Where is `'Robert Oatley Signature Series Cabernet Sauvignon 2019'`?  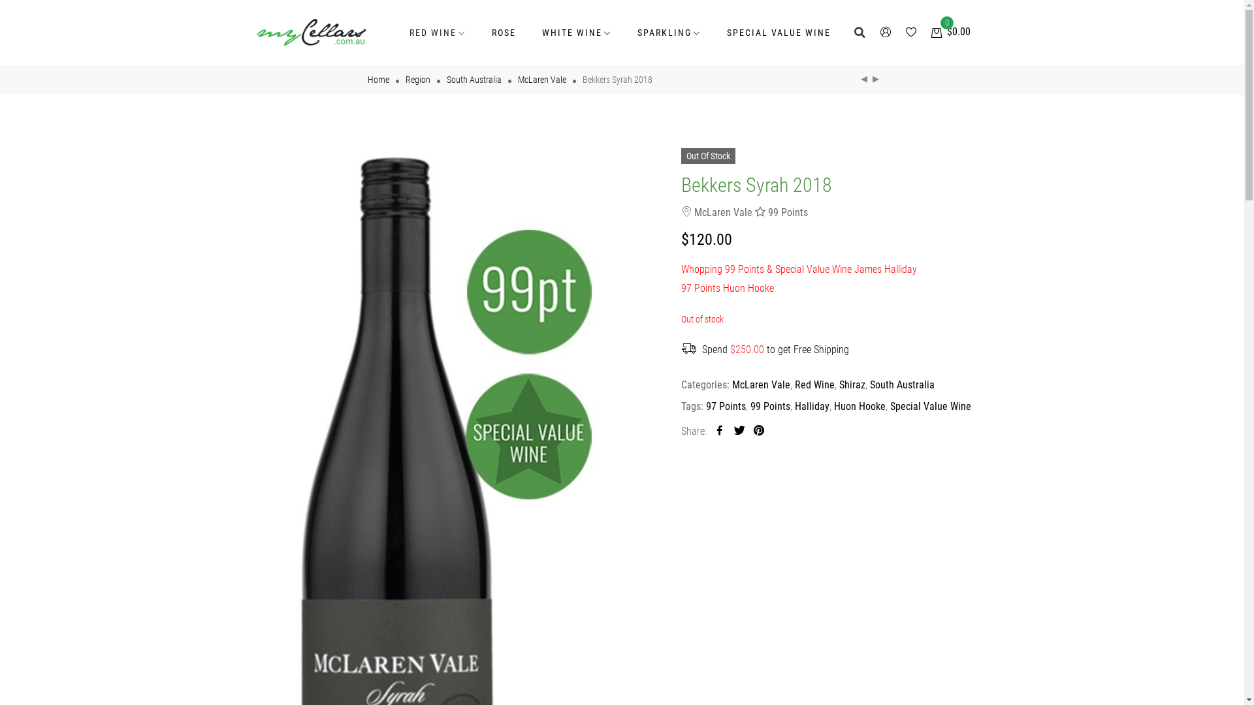 'Robert Oatley Signature Series Cabernet Sauvignon 2019' is located at coordinates (869, 80).